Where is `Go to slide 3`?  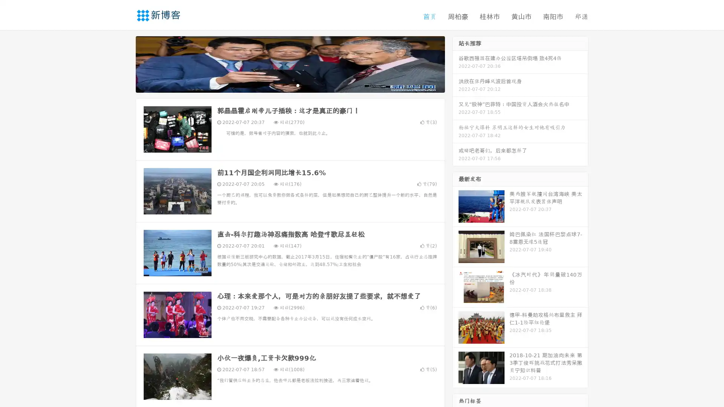 Go to slide 3 is located at coordinates (298, 85).